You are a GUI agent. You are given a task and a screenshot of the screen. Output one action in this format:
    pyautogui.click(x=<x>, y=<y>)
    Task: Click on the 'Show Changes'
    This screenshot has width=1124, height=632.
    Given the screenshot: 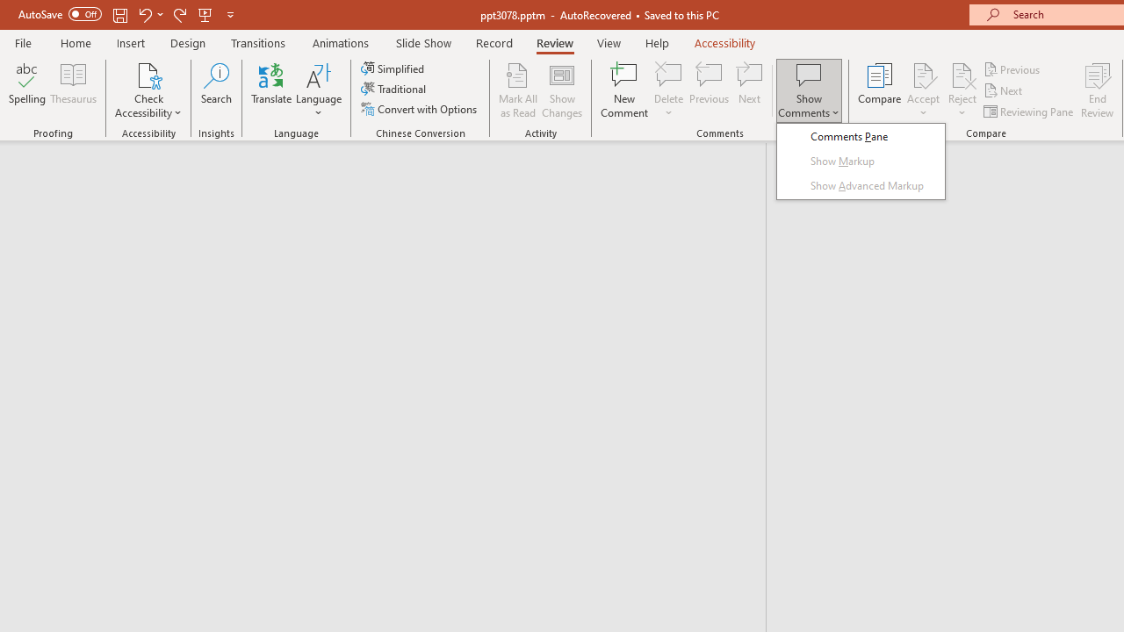 What is the action you would take?
    pyautogui.click(x=562, y=90)
    